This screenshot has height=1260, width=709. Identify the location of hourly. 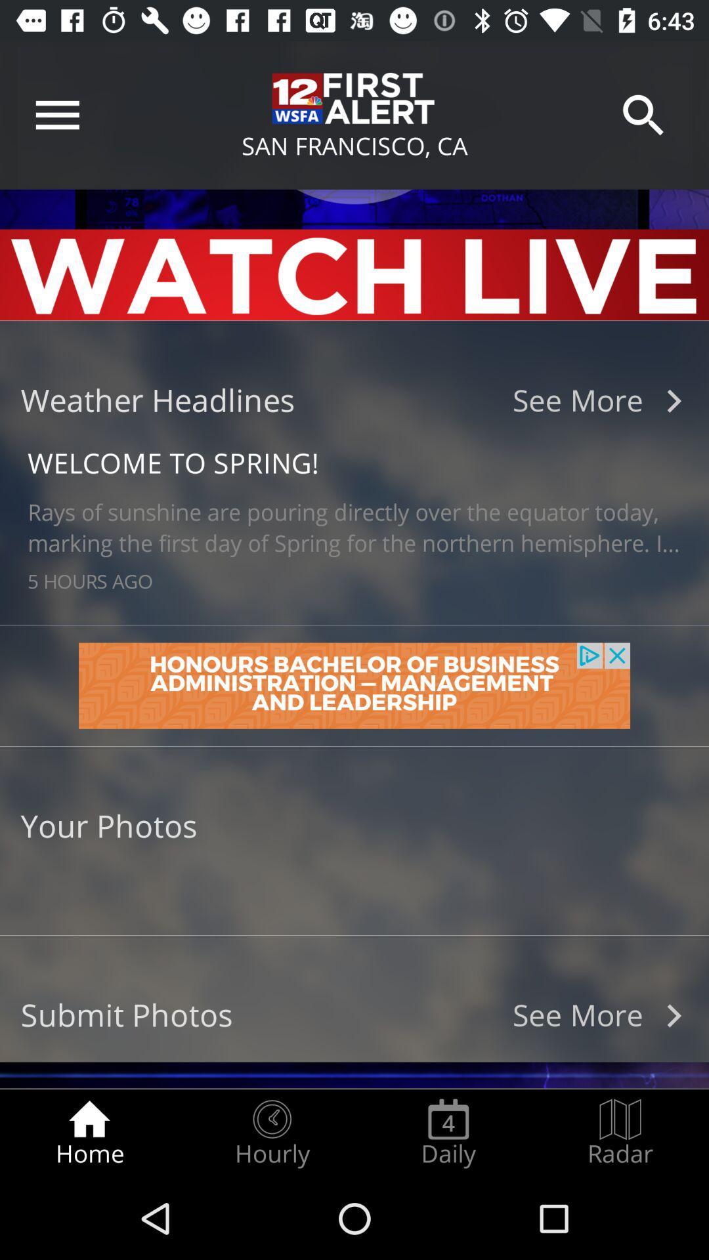
(271, 1133).